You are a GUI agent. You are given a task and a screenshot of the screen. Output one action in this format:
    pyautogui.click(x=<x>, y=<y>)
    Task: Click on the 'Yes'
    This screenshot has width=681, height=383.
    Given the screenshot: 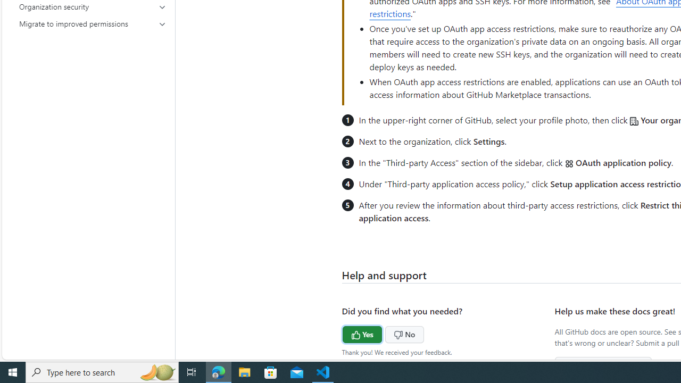 What is the action you would take?
    pyautogui.click(x=342, y=332)
    